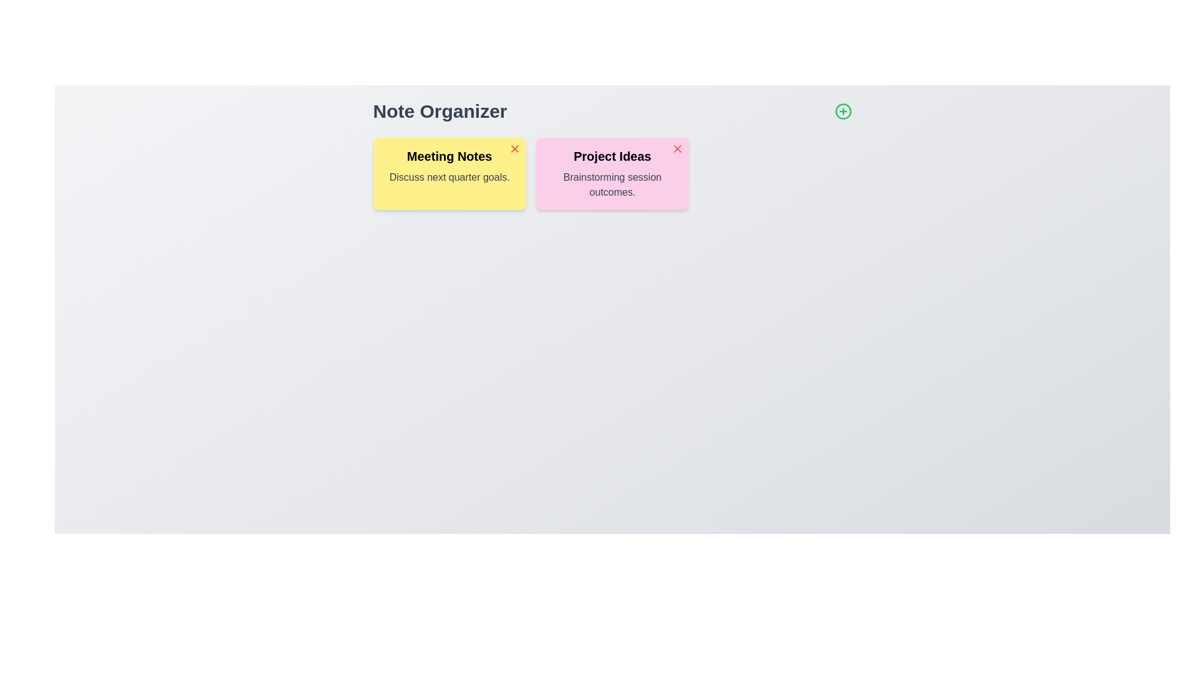  What do you see at coordinates (843, 110) in the screenshot?
I see `the button for adding a new item in the Note Organizer` at bounding box center [843, 110].